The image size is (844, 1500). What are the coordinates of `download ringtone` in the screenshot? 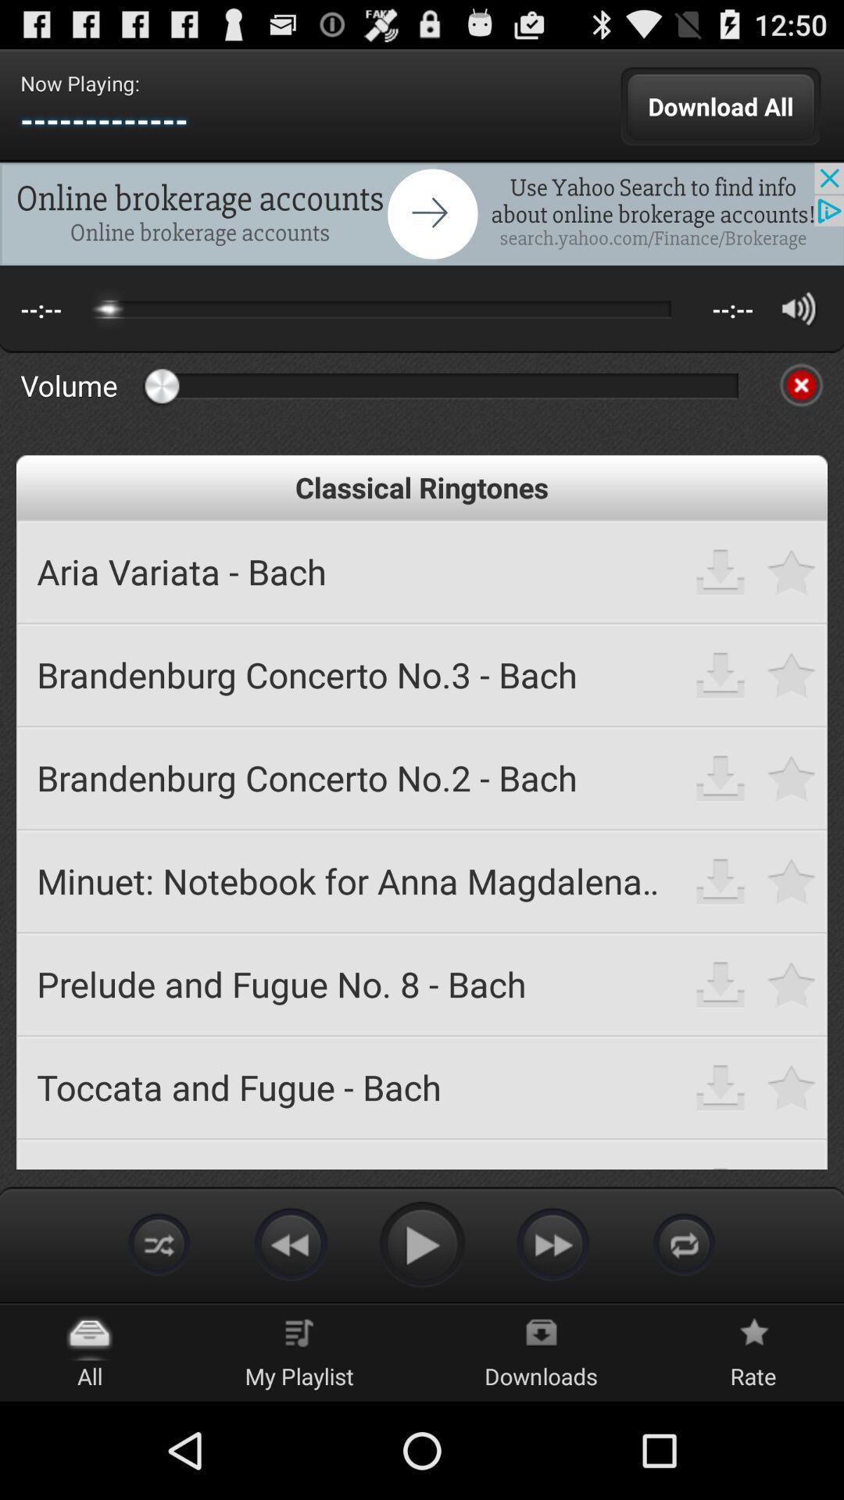 It's located at (721, 1086).